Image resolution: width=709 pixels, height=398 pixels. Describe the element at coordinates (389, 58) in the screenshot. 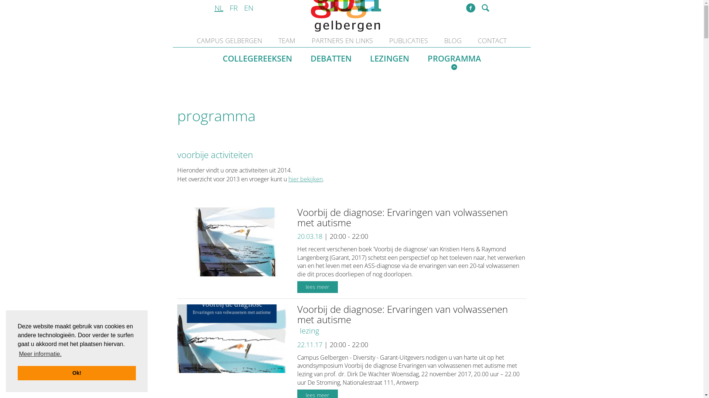

I see `'LEZINGEN'` at that location.